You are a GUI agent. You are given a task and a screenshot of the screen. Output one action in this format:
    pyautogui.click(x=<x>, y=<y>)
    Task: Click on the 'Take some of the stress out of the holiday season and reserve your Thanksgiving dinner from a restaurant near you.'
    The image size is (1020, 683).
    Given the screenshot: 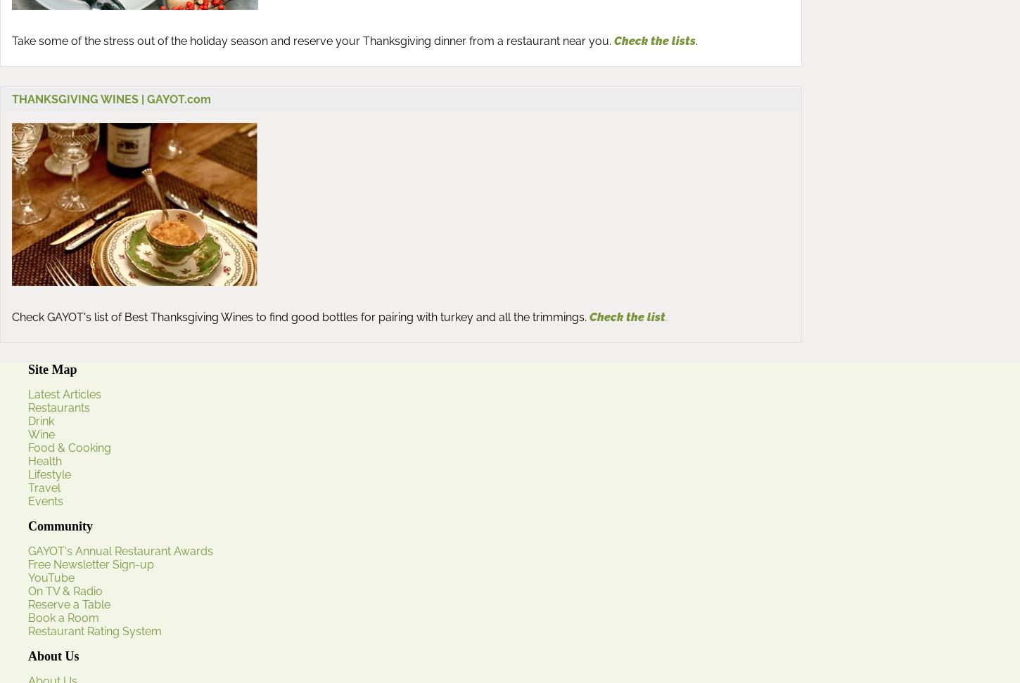 What is the action you would take?
    pyautogui.click(x=310, y=40)
    